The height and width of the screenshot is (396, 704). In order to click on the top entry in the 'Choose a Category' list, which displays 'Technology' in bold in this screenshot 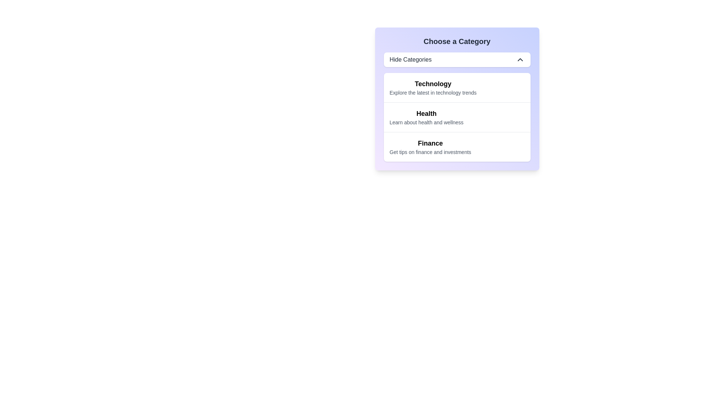, I will do `click(433, 87)`.